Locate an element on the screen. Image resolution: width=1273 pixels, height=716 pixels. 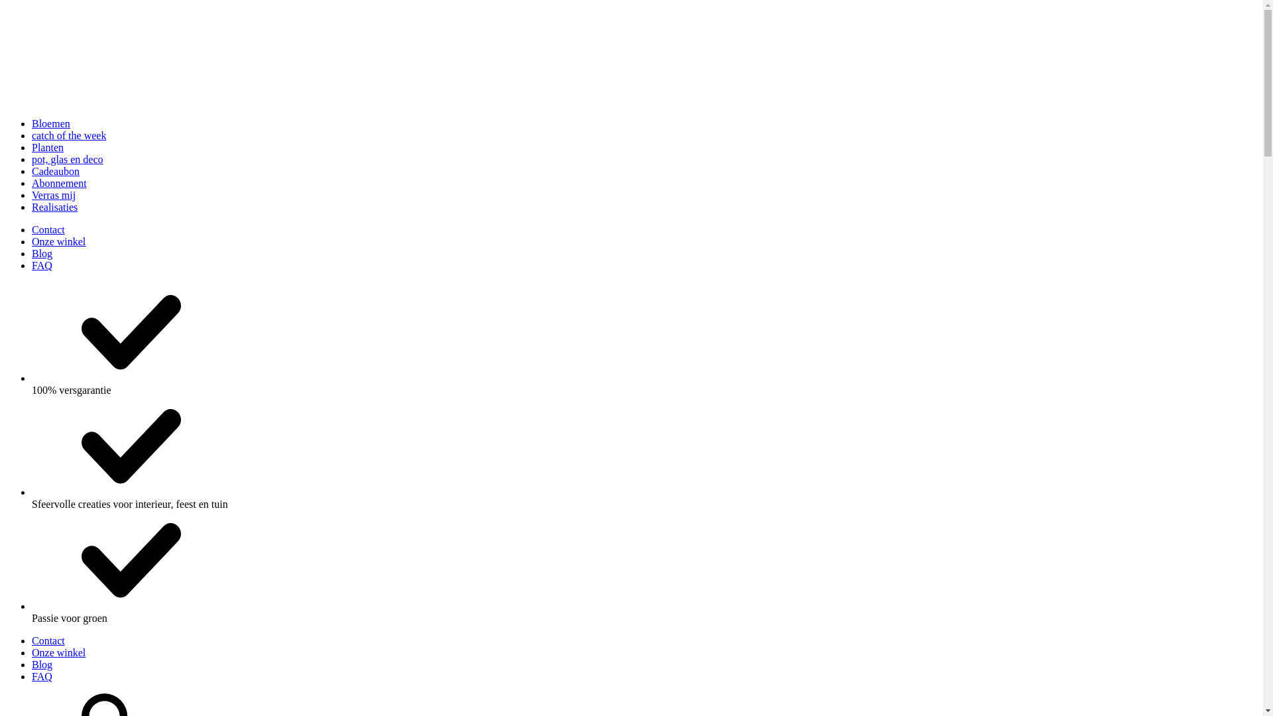
'Planten' is located at coordinates (48, 147).